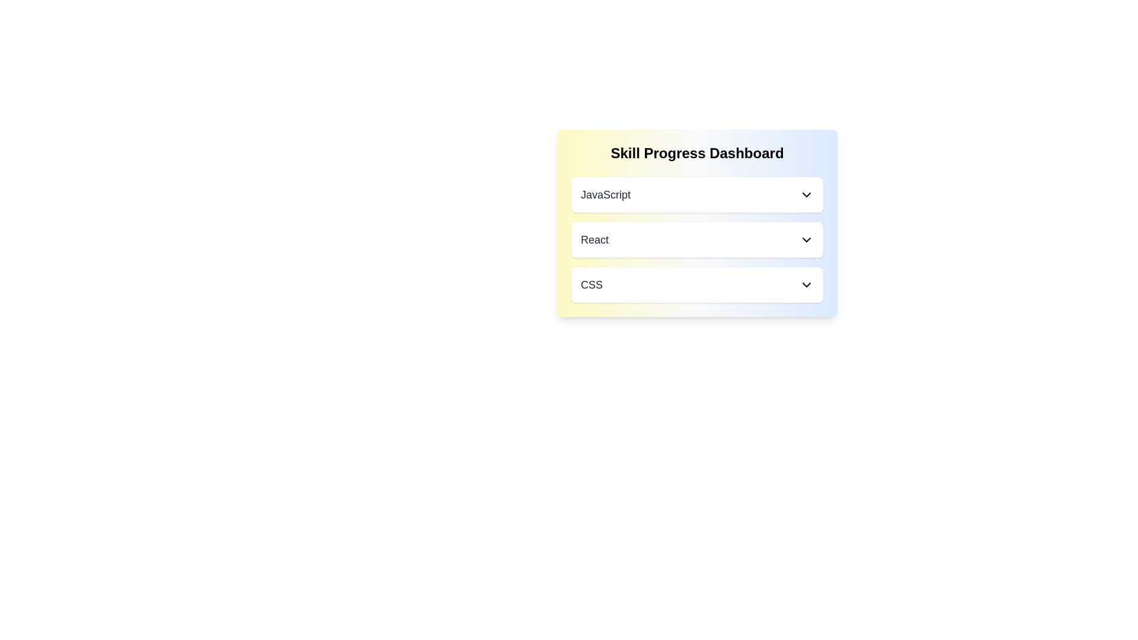 The image size is (1138, 640). I want to click on the dropdown icon to the right of the text 'React' in the second row of the 'Skill Progress Dashboard' interface to interact programmatically, so click(806, 240).